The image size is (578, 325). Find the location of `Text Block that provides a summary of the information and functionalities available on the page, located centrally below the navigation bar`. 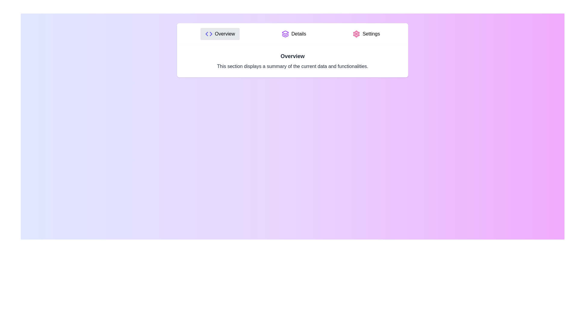

Text Block that provides a summary of the information and functionalities available on the page, located centrally below the navigation bar is located at coordinates (292, 61).